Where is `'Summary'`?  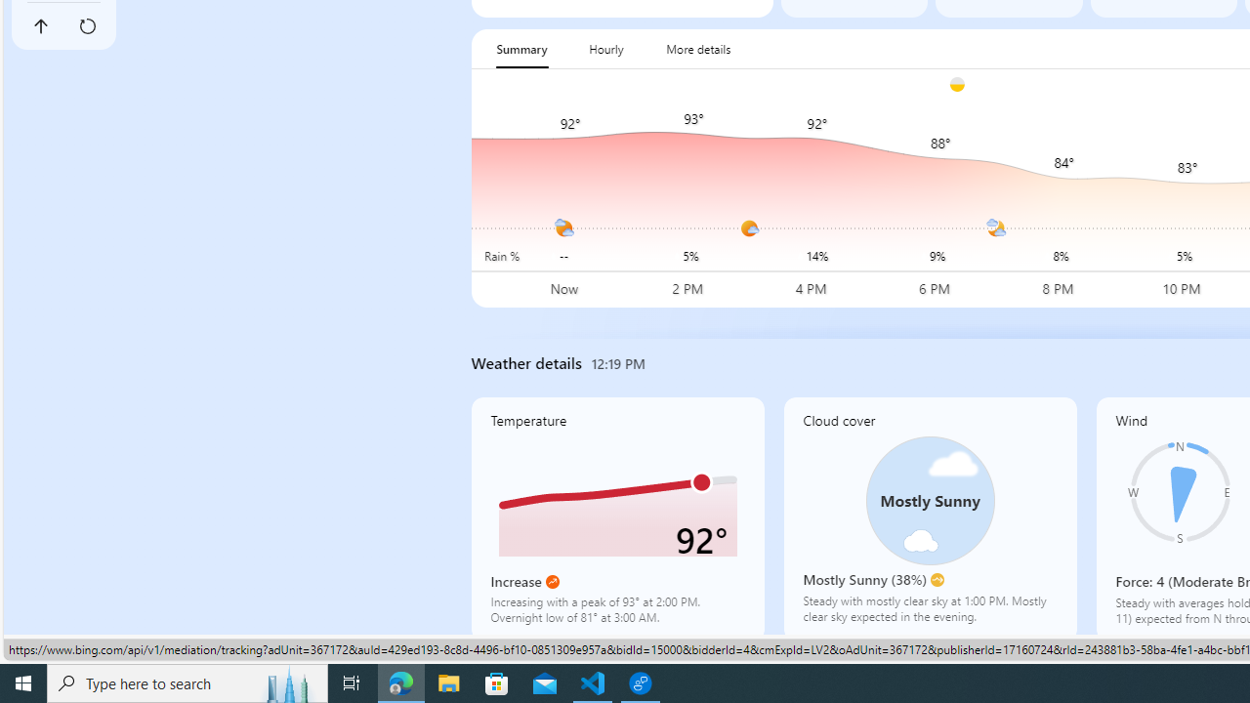
'Summary' is located at coordinates (521, 48).